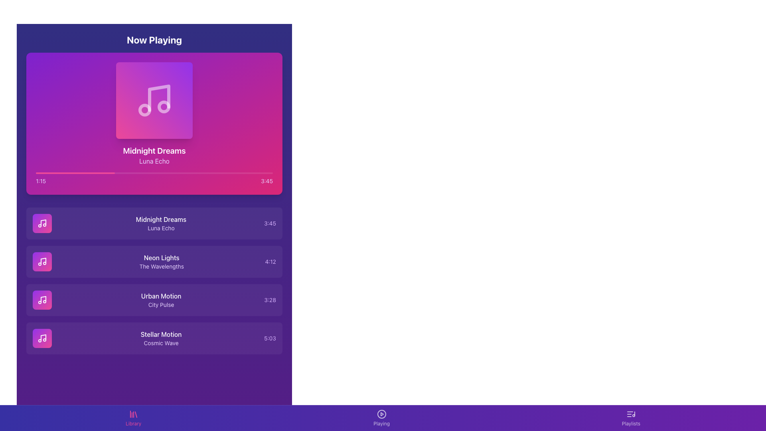 The width and height of the screenshot is (766, 431). Describe the element at coordinates (154, 338) in the screenshot. I see `the fourth item in the playlist interface` at that location.